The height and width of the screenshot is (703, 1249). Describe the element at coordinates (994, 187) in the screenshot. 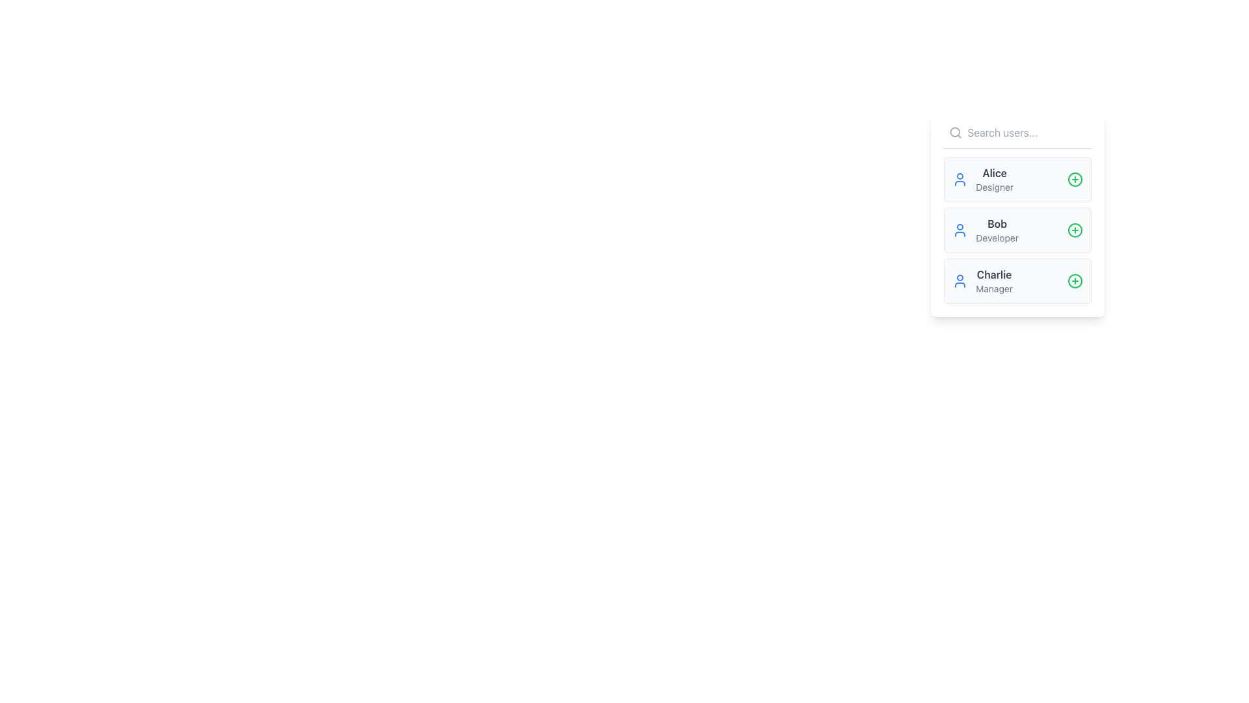

I see `the text label reading 'Designer' that is located below the name 'Alice' within a user card` at that location.